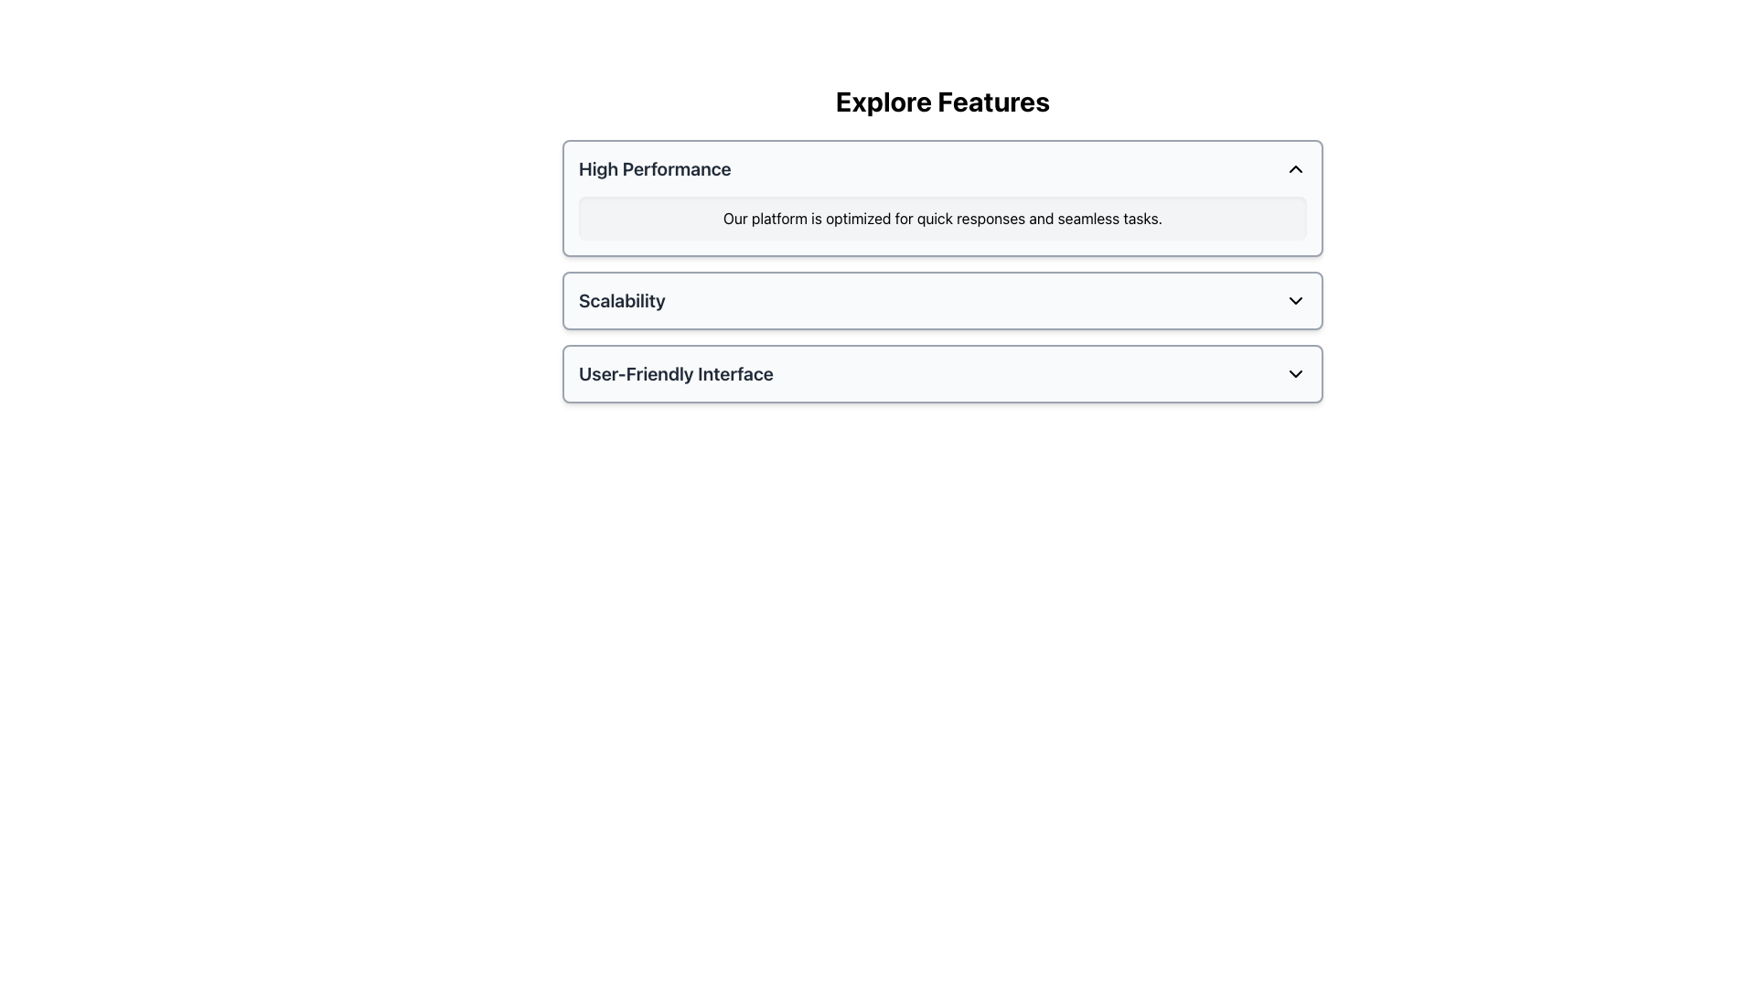 The image size is (1756, 988). Describe the element at coordinates (943, 102) in the screenshot. I see `the prominent, bold-styled header reading 'Explore Features', which is centrally aligned at the top of the section` at that location.